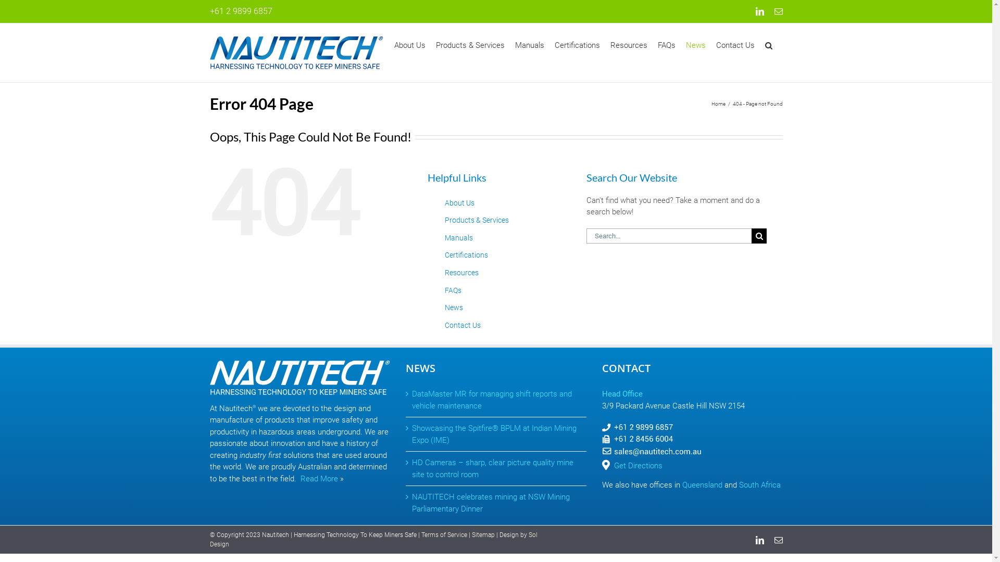 This screenshot has width=1000, height=562. What do you see at coordinates (576, 45) in the screenshot?
I see `'Certifications'` at bounding box center [576, 45].